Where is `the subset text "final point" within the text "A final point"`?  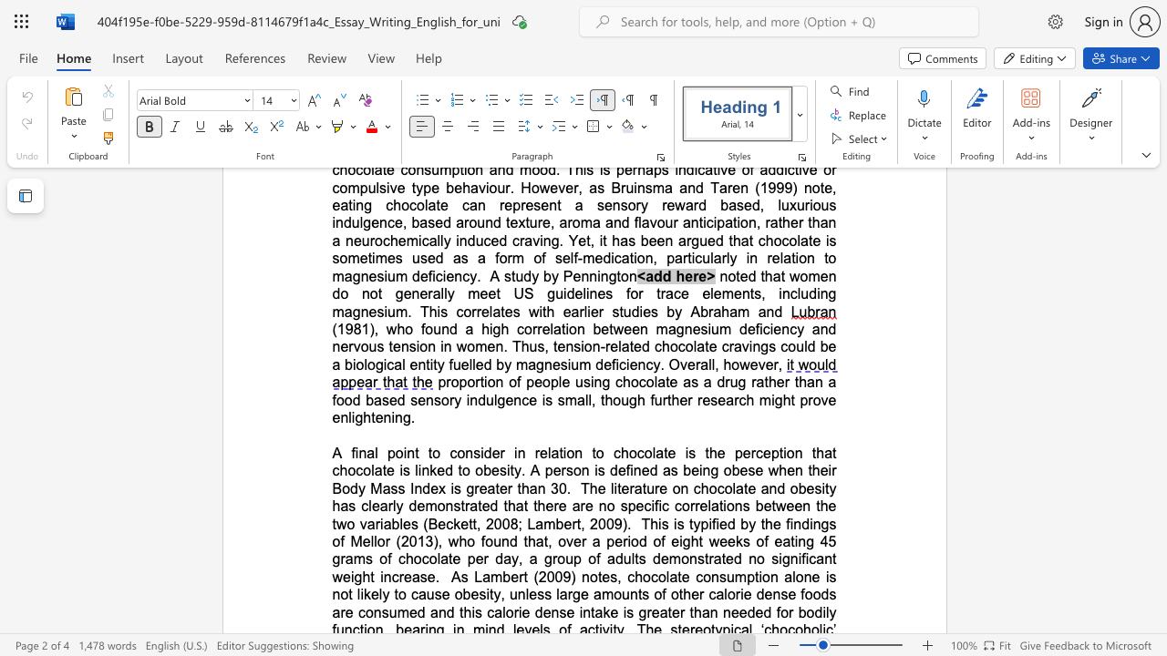 the subset text "final point" within the text "A final point" is located at coordinates (351, 452).